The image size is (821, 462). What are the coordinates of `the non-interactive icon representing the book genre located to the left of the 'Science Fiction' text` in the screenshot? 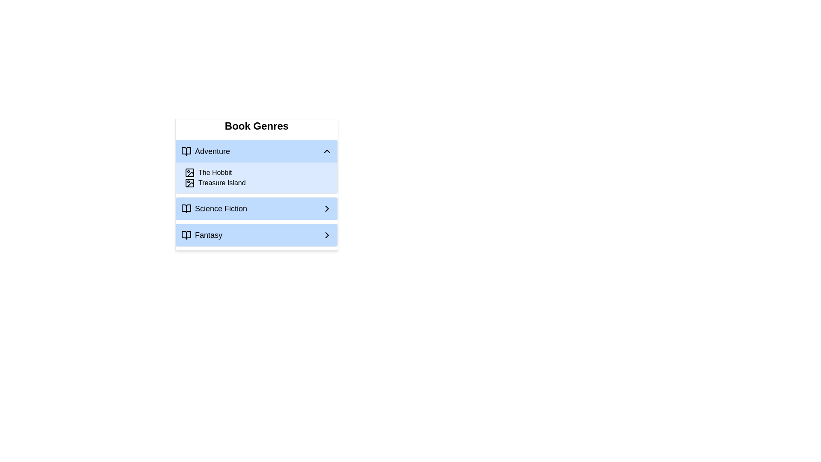 It's located at (186, 209).